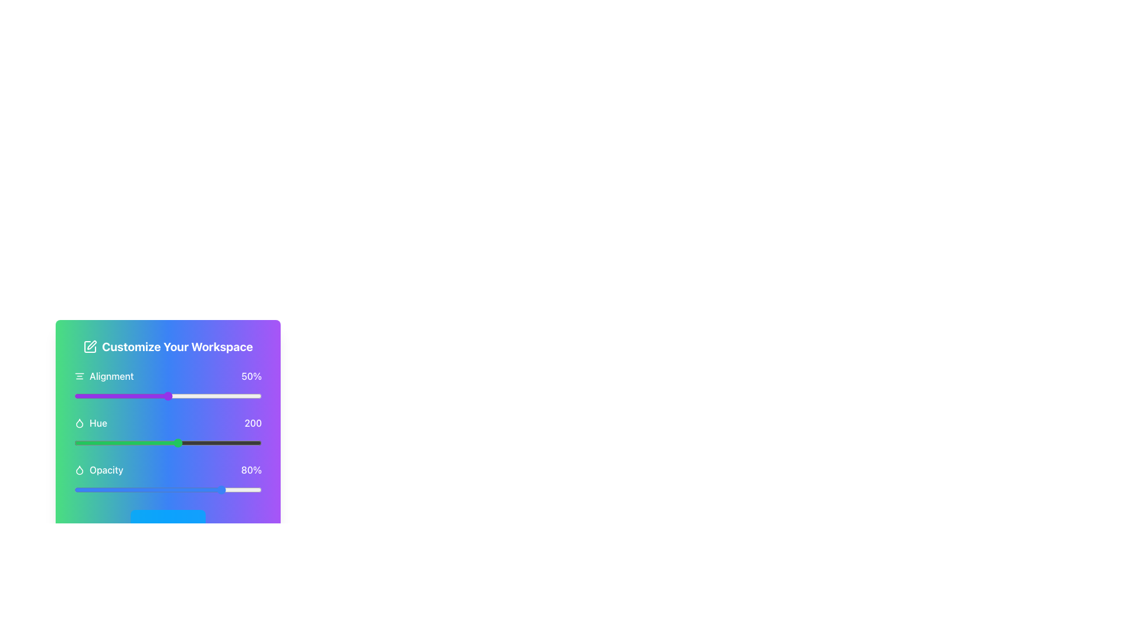 The image size is (1125, 633). Describe the element at coordinates (205, 490) in the screenshot. I see `the opacity slider` at that location.